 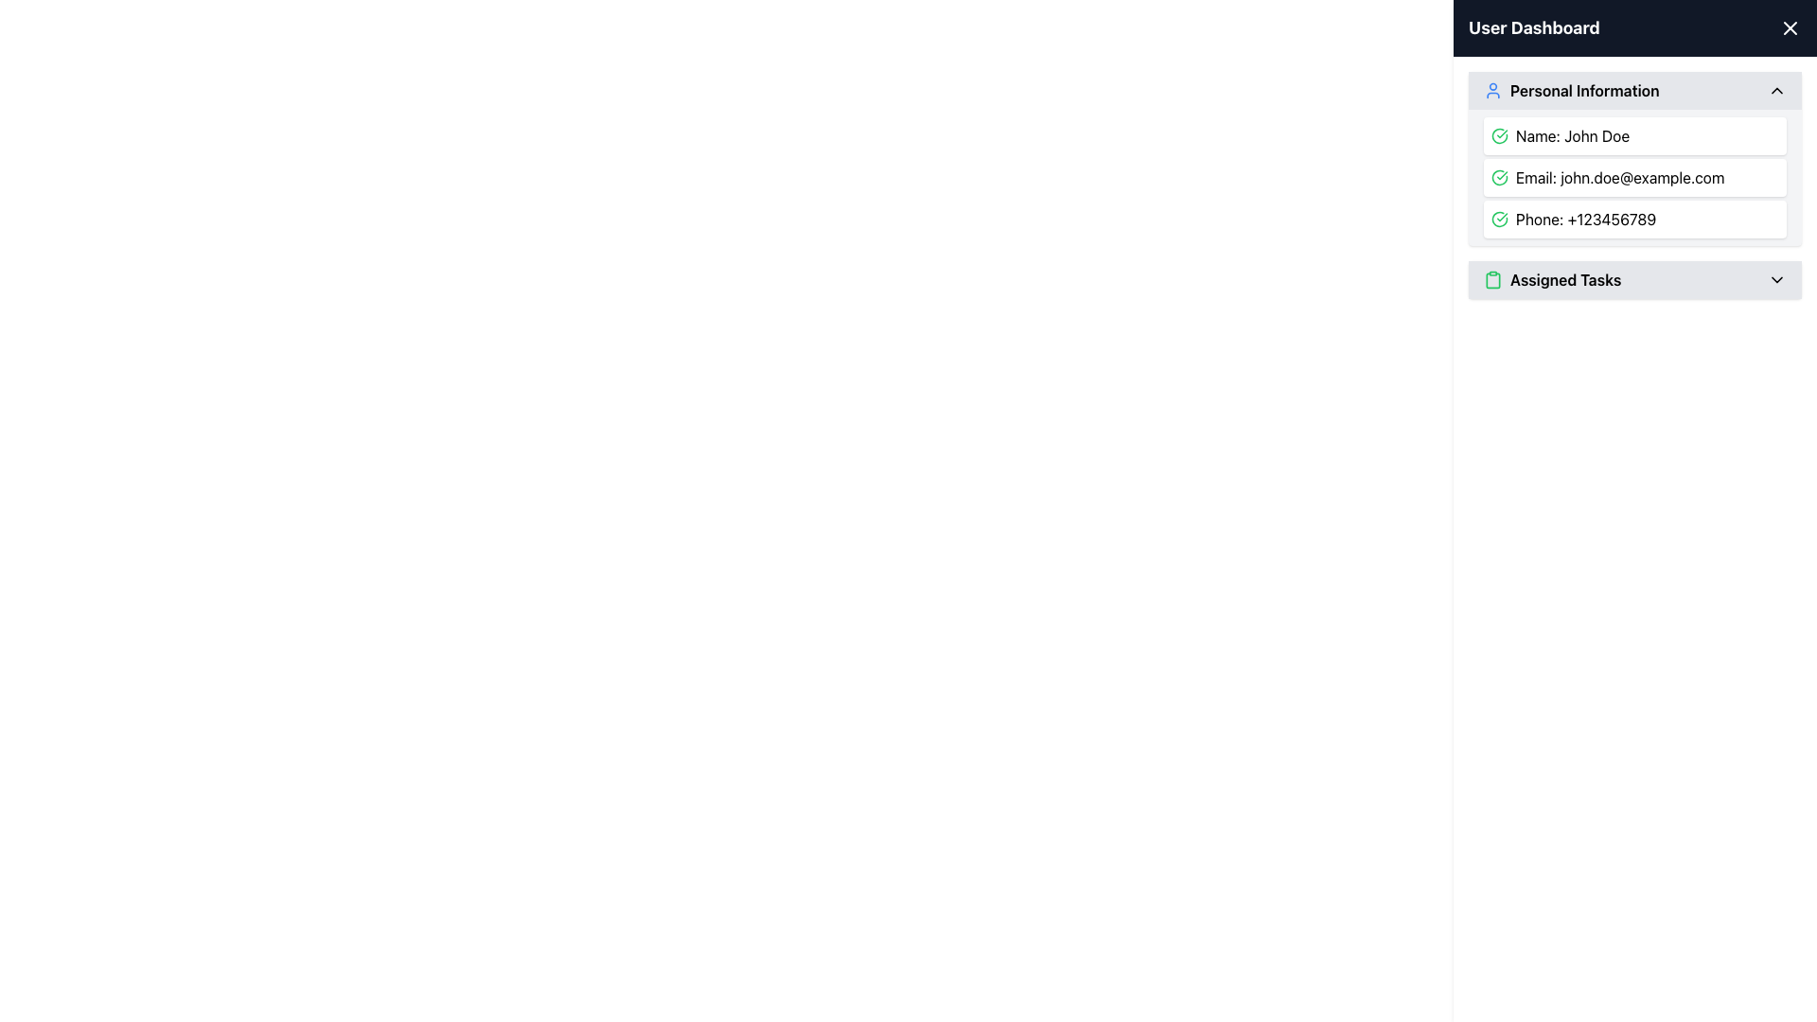 I want to click on the circular green-bordered icon with a check mark that is located beside the text 'Email: john.doe@example.com' in the 'Personal Information' section of the user dashboard, so click(x=1498, y=178).